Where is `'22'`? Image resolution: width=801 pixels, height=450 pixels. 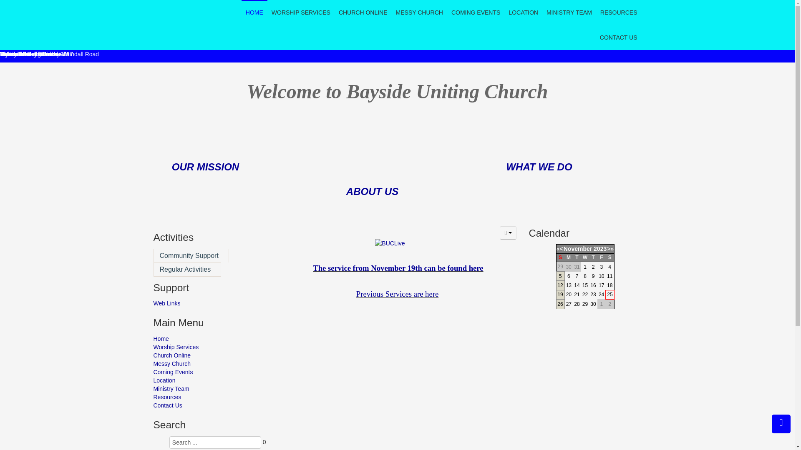
'22' is located at coordinates (584, 294).